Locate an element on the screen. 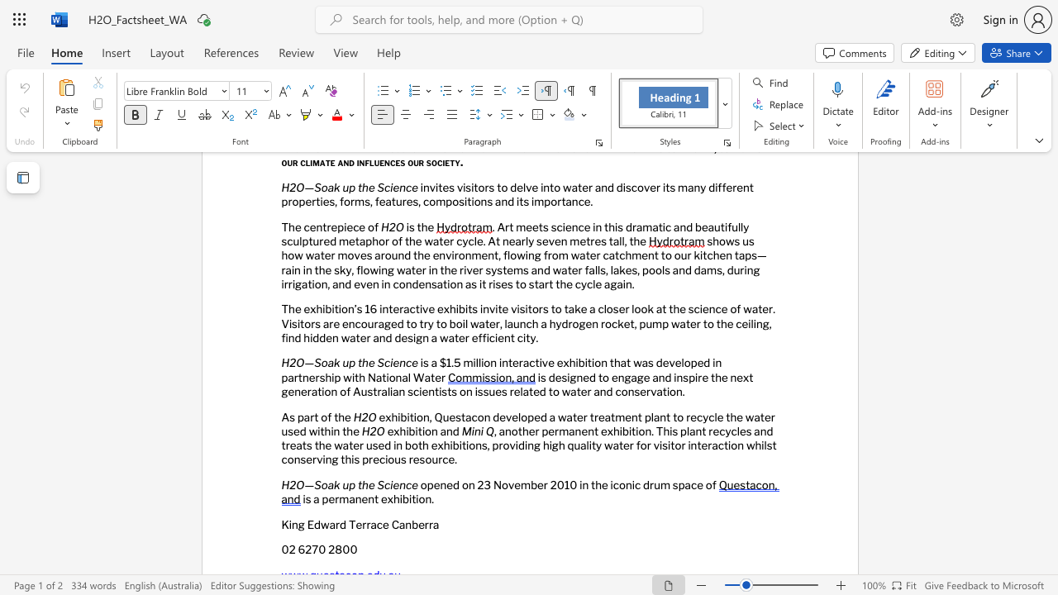 This screenshot has width=1058, height=595. the subset text "en" within the text "H2O—Soak up the Science" is located at coordinates (392, 483).